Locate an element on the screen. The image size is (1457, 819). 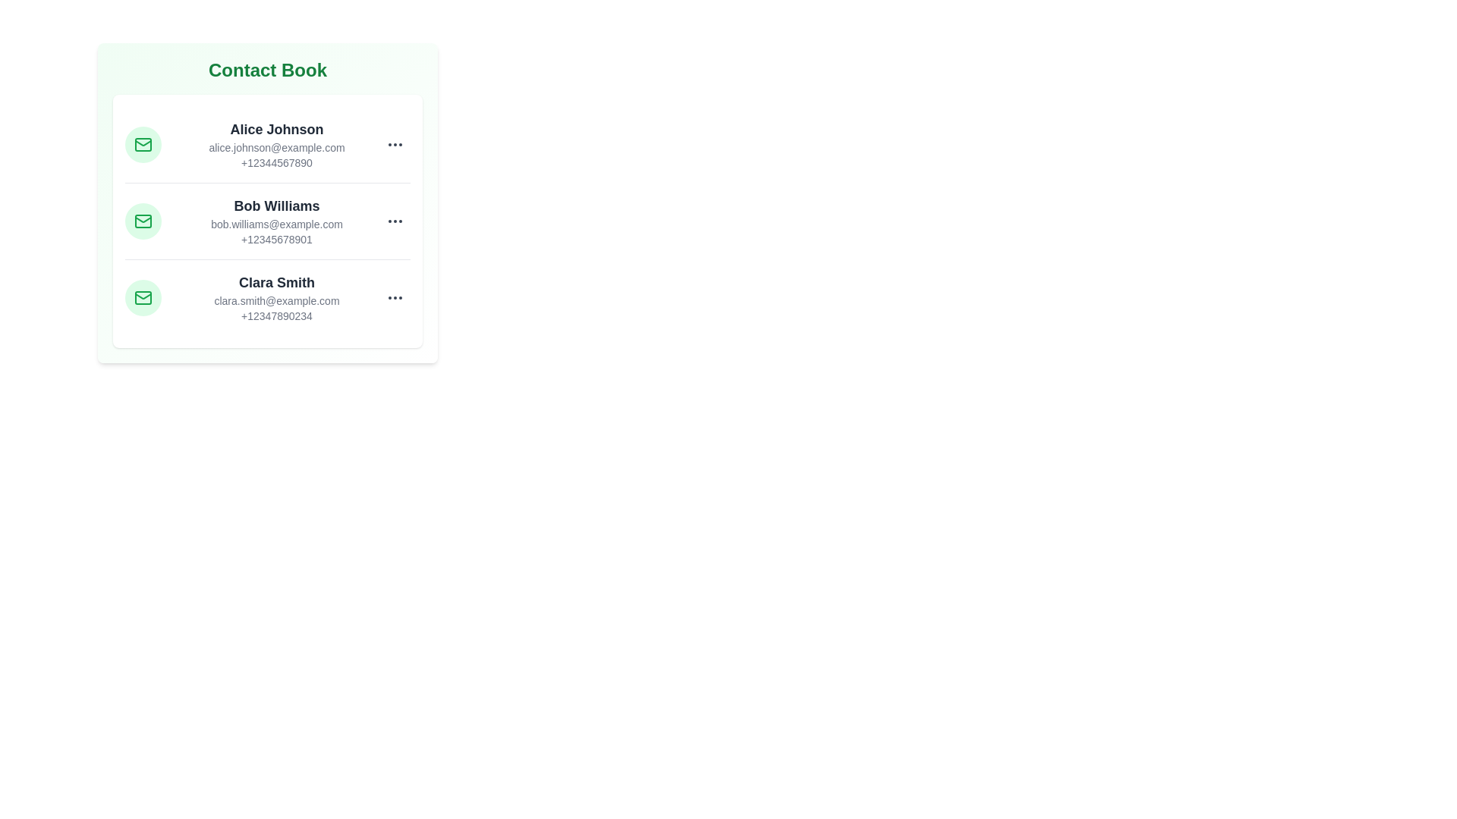
mail icon for the contact Bob Williams to highlight it is located at coordinates (143, 221).